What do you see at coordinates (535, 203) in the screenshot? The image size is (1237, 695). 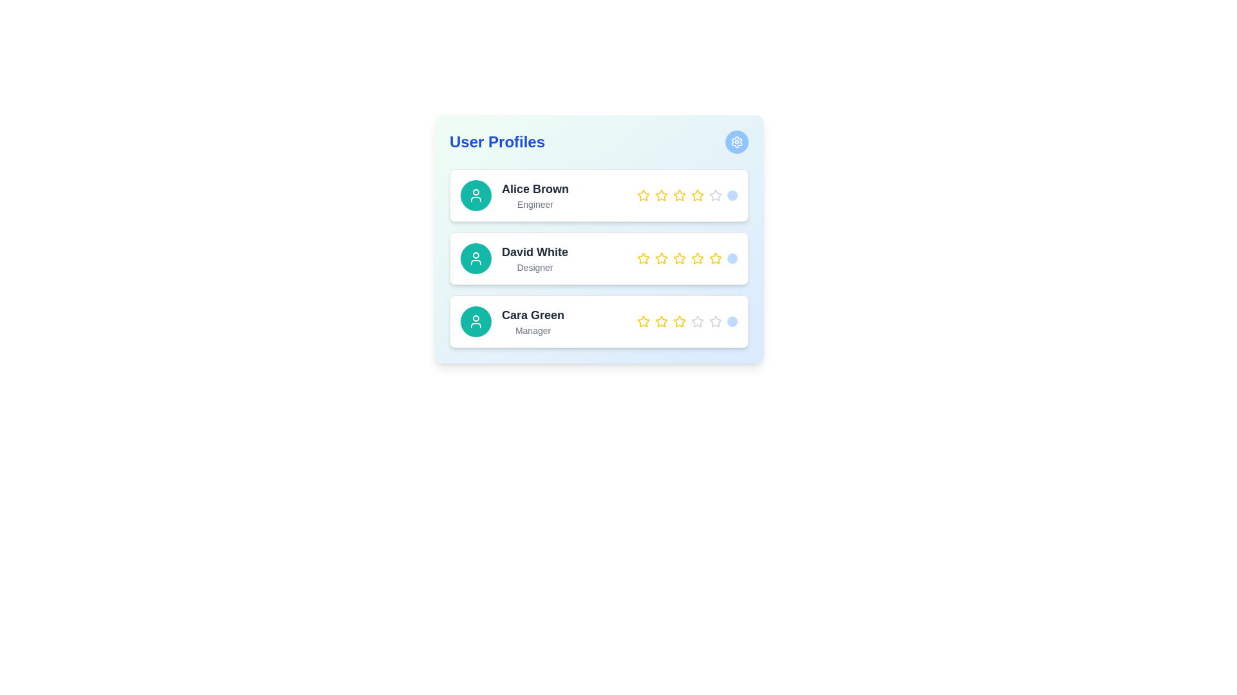 I see `the static text label that designates the job title for the user profile of 'Alice Brown', located directly below the name within the first user profile card` at bounding box center [535, 203].